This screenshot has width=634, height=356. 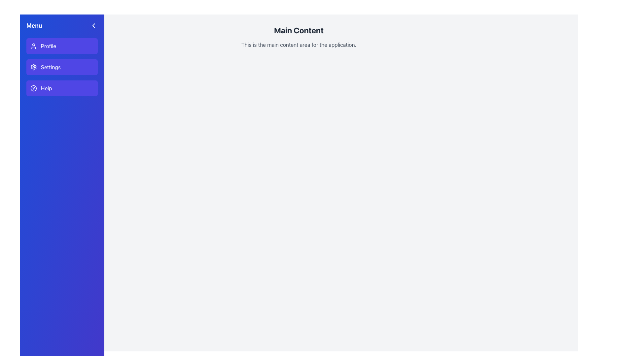 What do you see at coordinates (33, 45) in the screenshot?
I see `user profile icon located at the top left of the 'Profile' menu item in the sidebar` at bounding box center [33, 45].